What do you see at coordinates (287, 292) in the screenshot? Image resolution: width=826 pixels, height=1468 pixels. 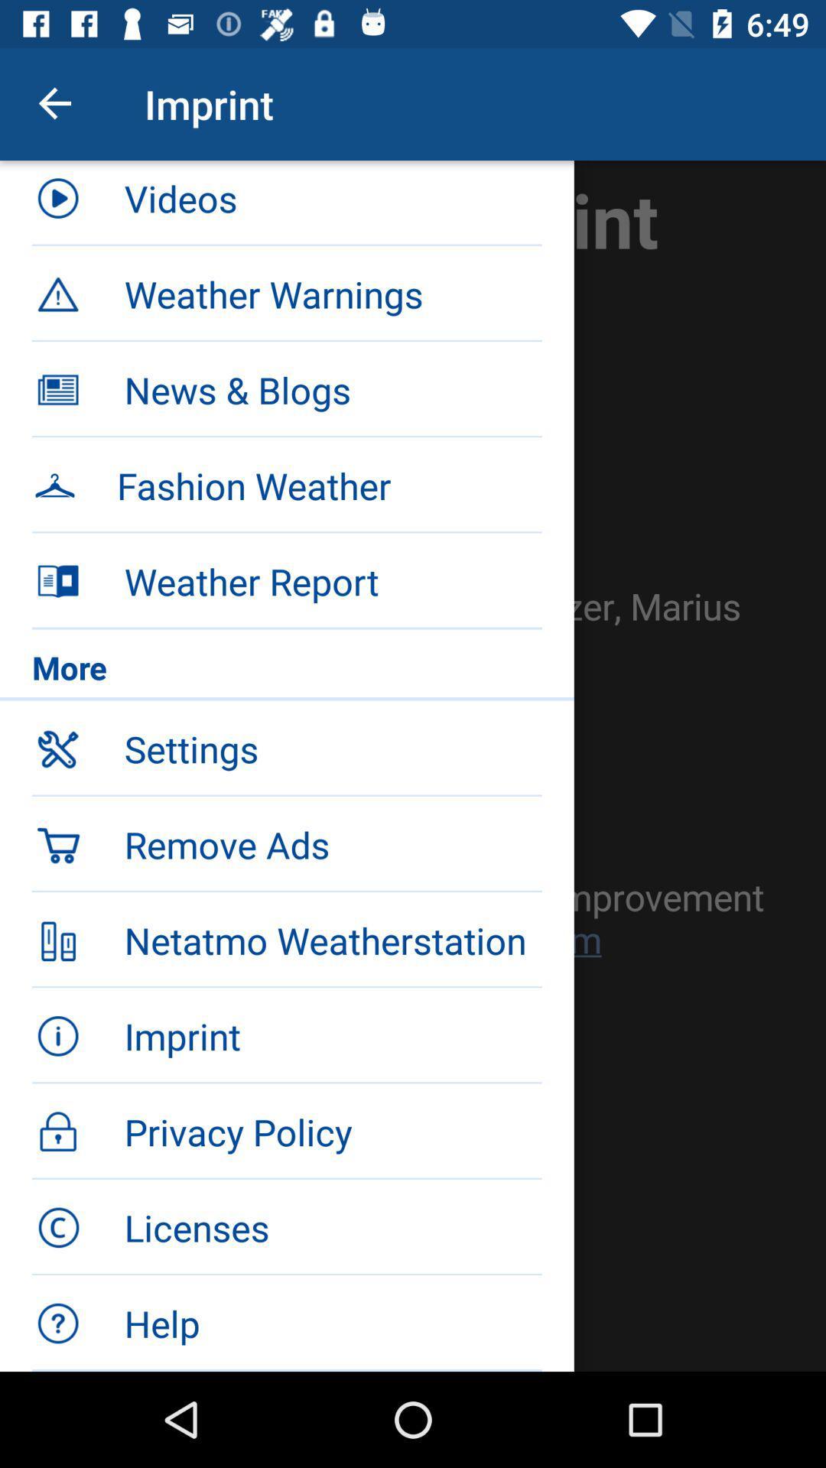 I see `the item below videos item` at bounding box center [287, 292].